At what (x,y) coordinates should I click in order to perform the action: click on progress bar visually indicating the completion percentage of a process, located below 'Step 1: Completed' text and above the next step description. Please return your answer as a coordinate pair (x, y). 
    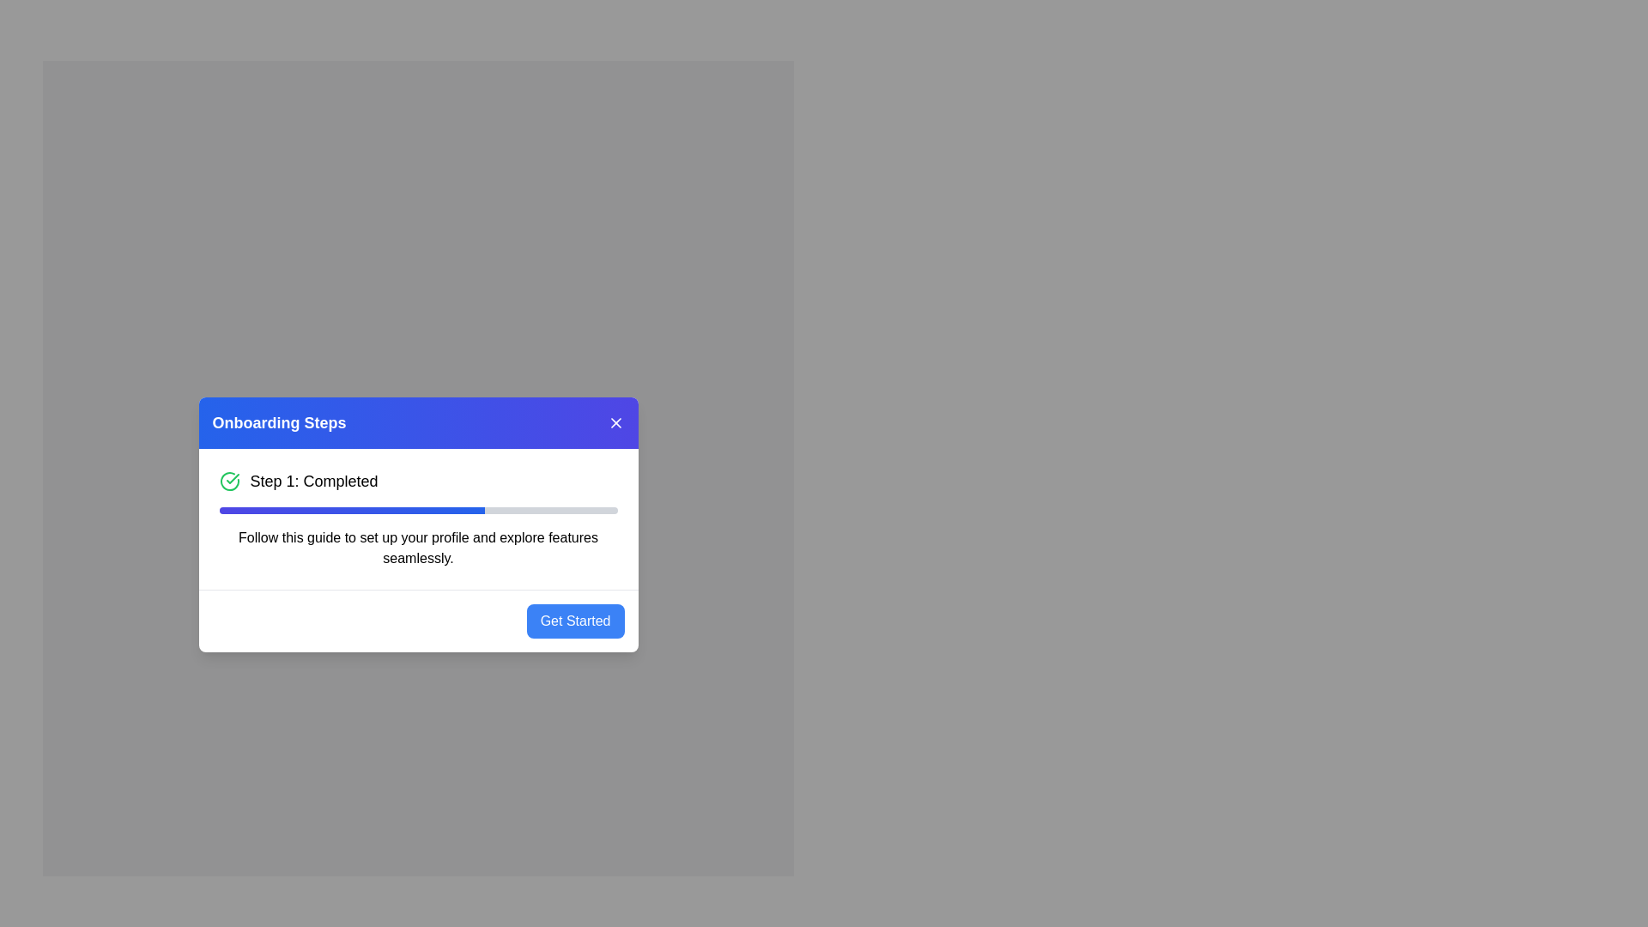
    Looking at the image, I should click on (418, 509).